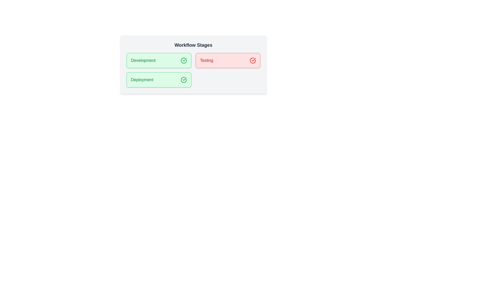 This screenshot has height=282, width=502. I want to click on the checkmark icon indicating a completed status in the 'Development' workflow stage, which is positioned to the right of the 'Development' text, so click(184, 60).